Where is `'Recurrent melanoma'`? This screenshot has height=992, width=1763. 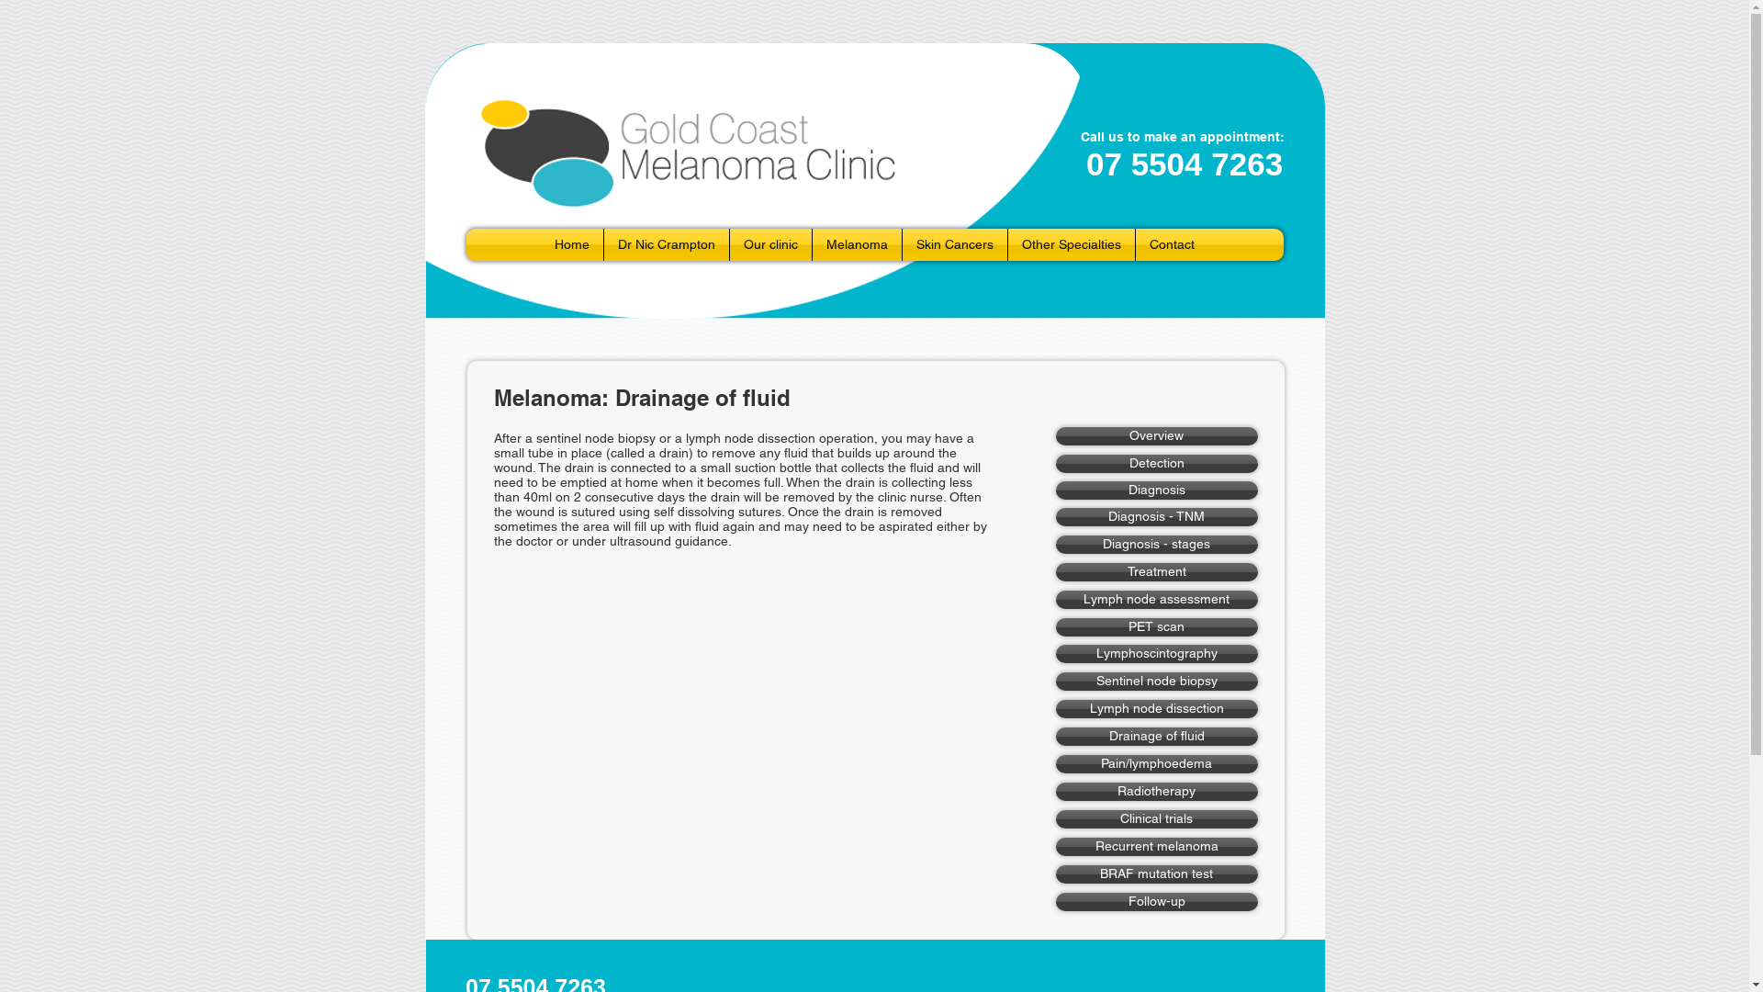 'Recurrent melanoma' is located at coordinates (1155, 846).